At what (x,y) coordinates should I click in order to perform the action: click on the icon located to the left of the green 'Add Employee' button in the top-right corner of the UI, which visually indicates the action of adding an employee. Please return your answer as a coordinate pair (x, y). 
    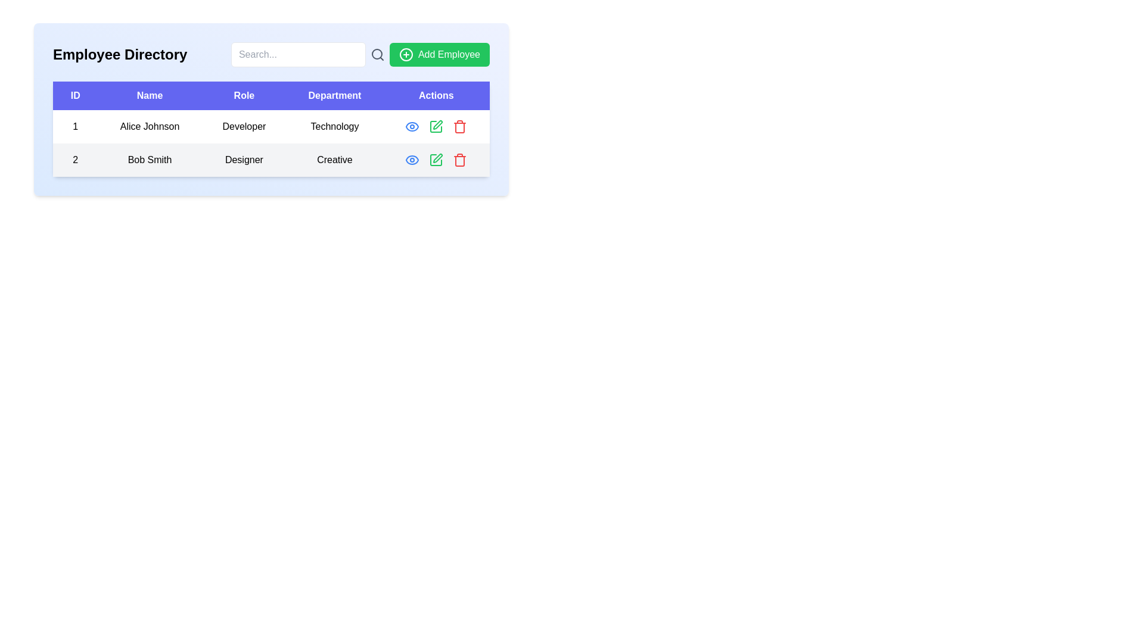
    Looking at the image, I should click on (406, 55).